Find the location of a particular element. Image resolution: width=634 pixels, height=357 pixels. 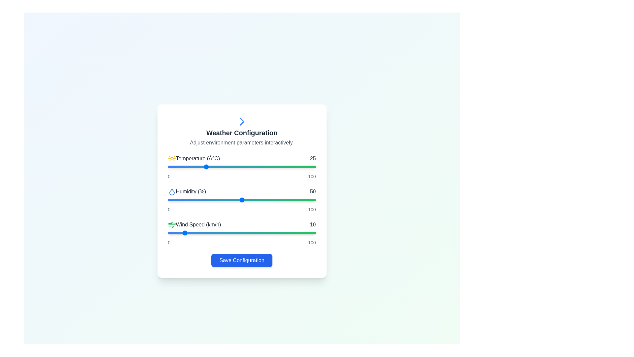

the slider value is located at coordinates (184, 200).